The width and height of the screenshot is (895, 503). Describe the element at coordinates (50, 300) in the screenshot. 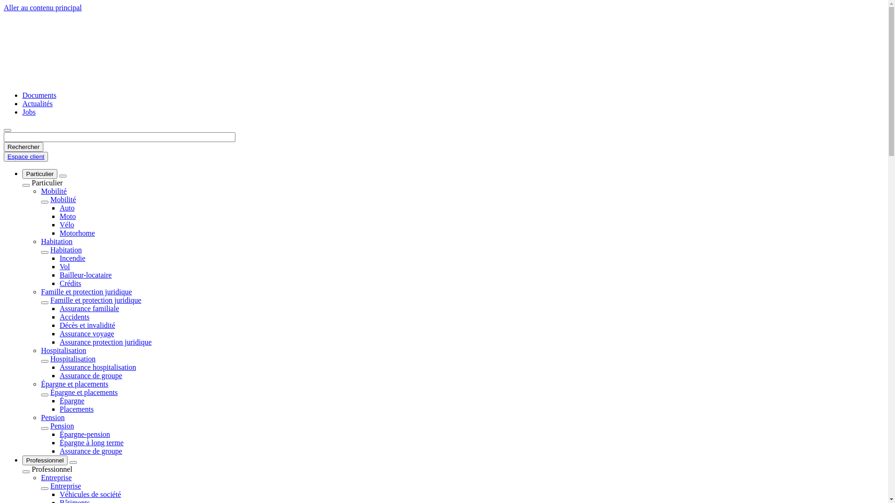

I see `'Famille et protection juridique'` at that location.